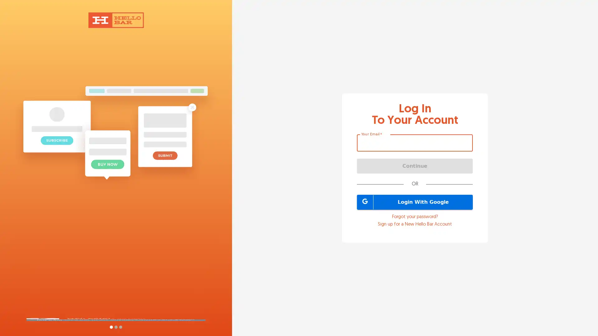 This screenshot has width=598, height=336. I want to click on Login With Google, so click(415, 202).